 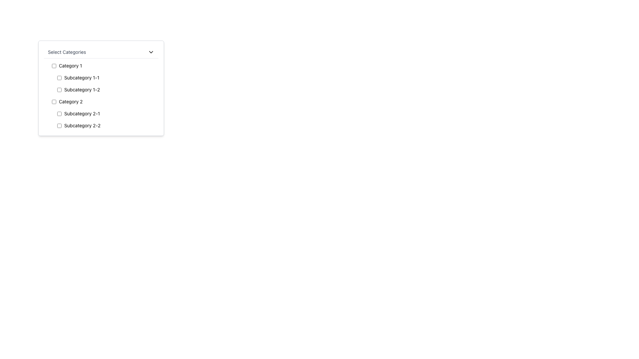 What do you see at coordinates (101, 88) in the screenshot?
I see `the category or subcategory in the 'Select Categories' dropdown and checkbox group` at bounding box center [101, 88].